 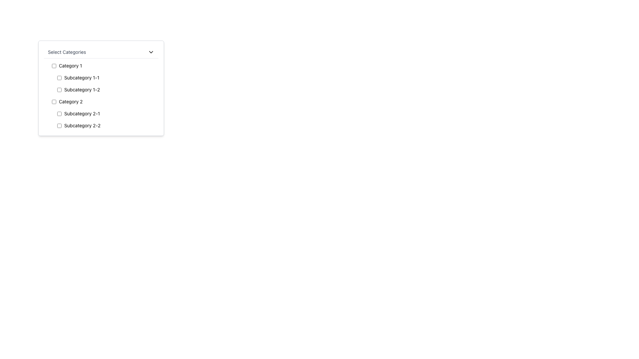 What do you see at coordinates (101, 88) in the screenshot?
I see `the category or subcategory in the 'Select Categories' dropdown and checkbox group` at bounding box center [101, 88].